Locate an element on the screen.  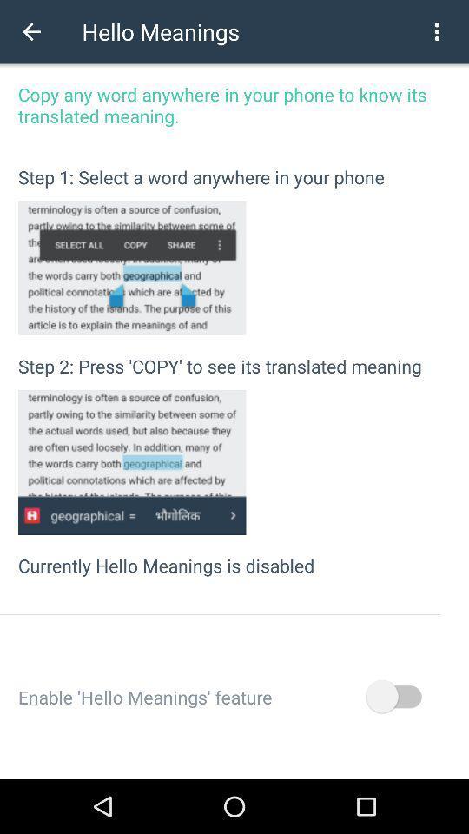
the icon to the right of enable hello meanings item is located at coordinates (393, 697).